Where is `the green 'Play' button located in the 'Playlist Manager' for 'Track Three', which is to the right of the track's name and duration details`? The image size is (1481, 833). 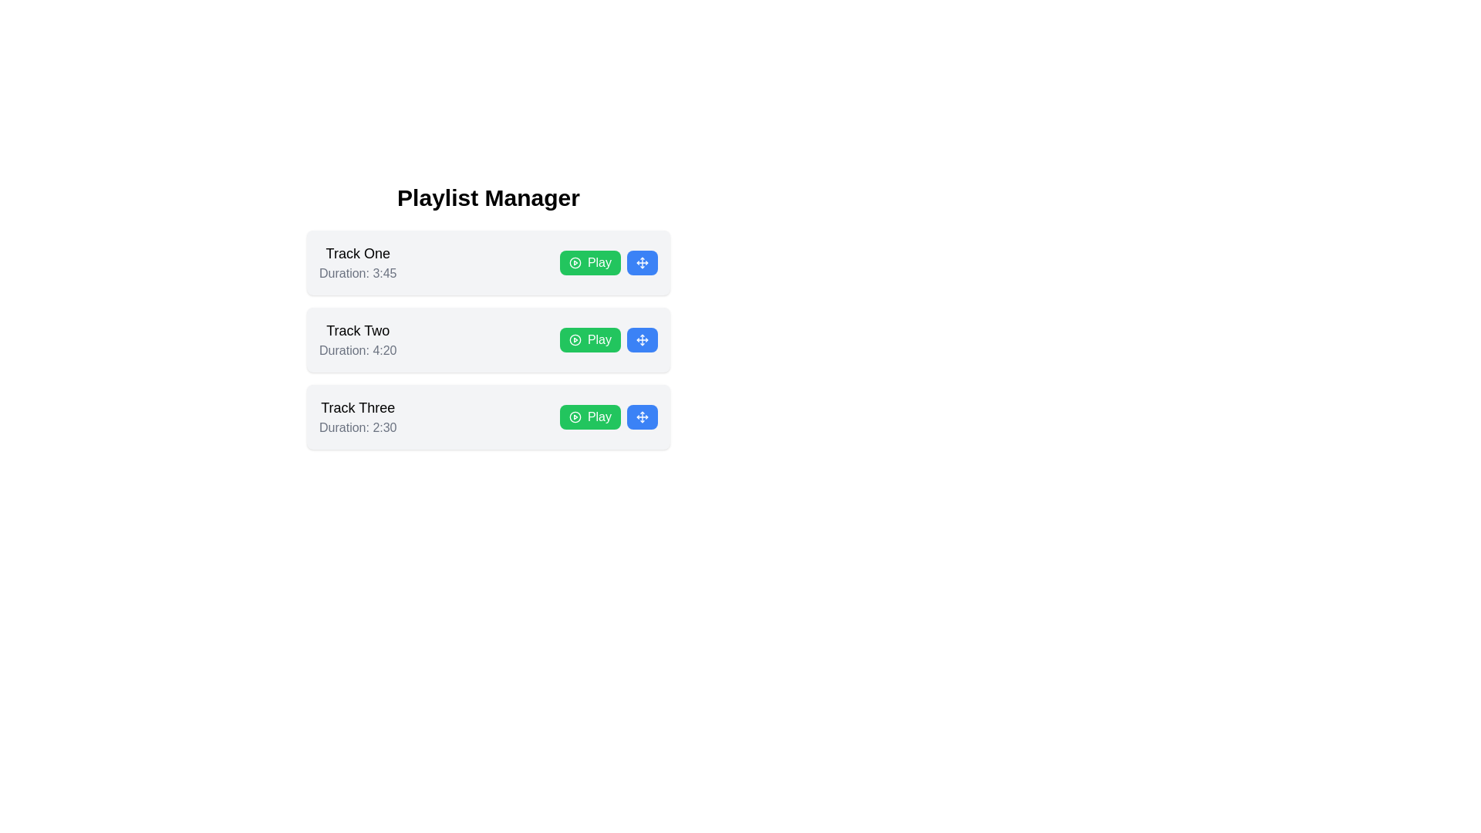 the green 'Play' button located in the 'Playlist Manager' for 'Track Three', which is to the right of the track's name and duration details is located at coordinates (589, 416).